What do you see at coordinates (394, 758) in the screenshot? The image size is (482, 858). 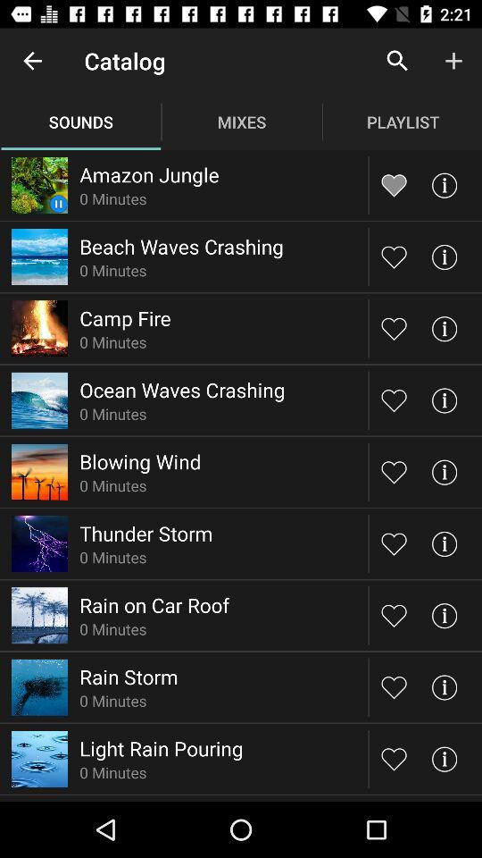 I see `like song` at bounding box center [394, 758].